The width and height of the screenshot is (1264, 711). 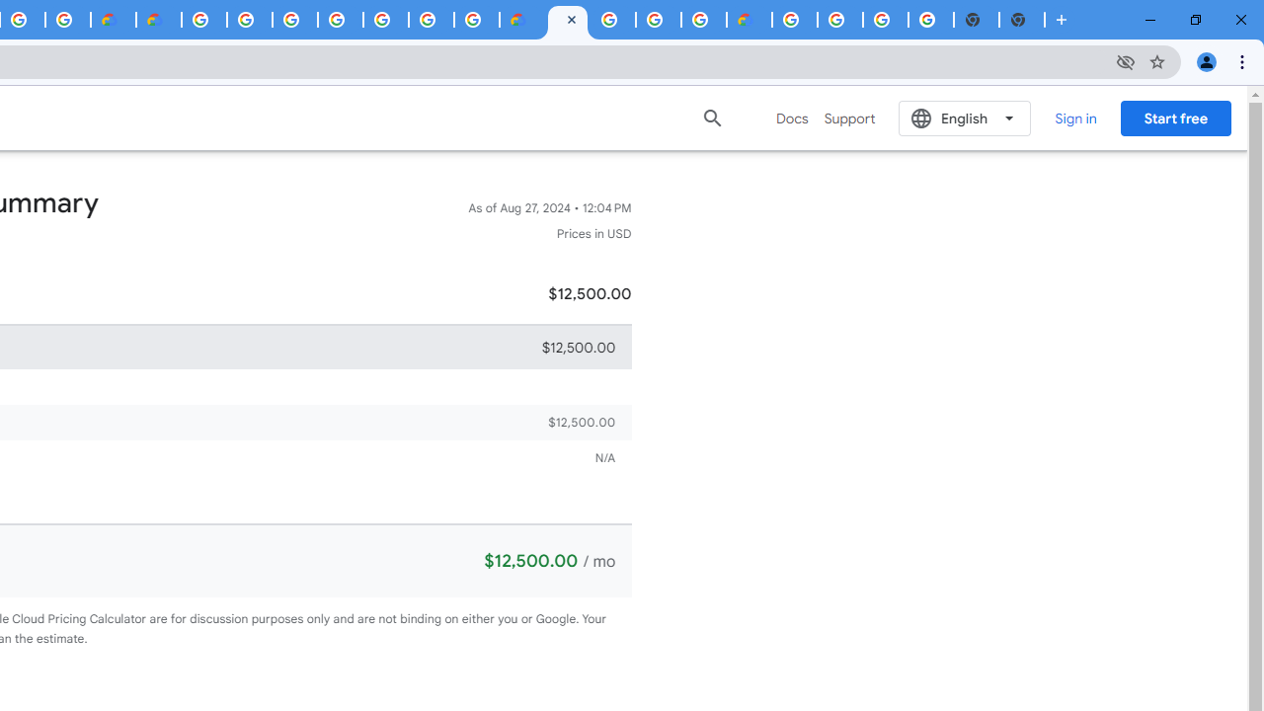 What do you see at coordinates (204, 20) in the screenshot?
I see `'Google Cloud Platform'` at bounding box center [204, 20].